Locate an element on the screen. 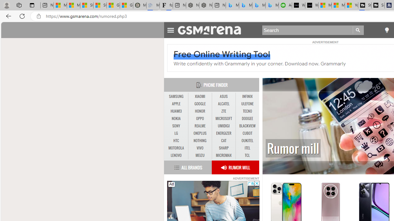 The width and height of the screenshot is (394, 221). 'INFINIX' is located at coordinates (247, 96).